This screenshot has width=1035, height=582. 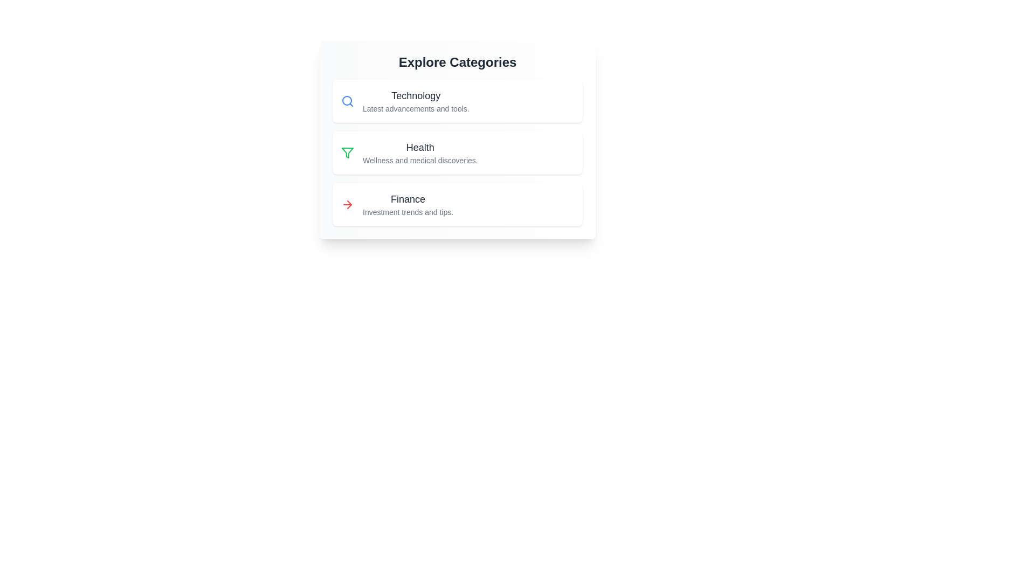 I want to click on the icon associated with the category Health, so click(x=347, y=153).